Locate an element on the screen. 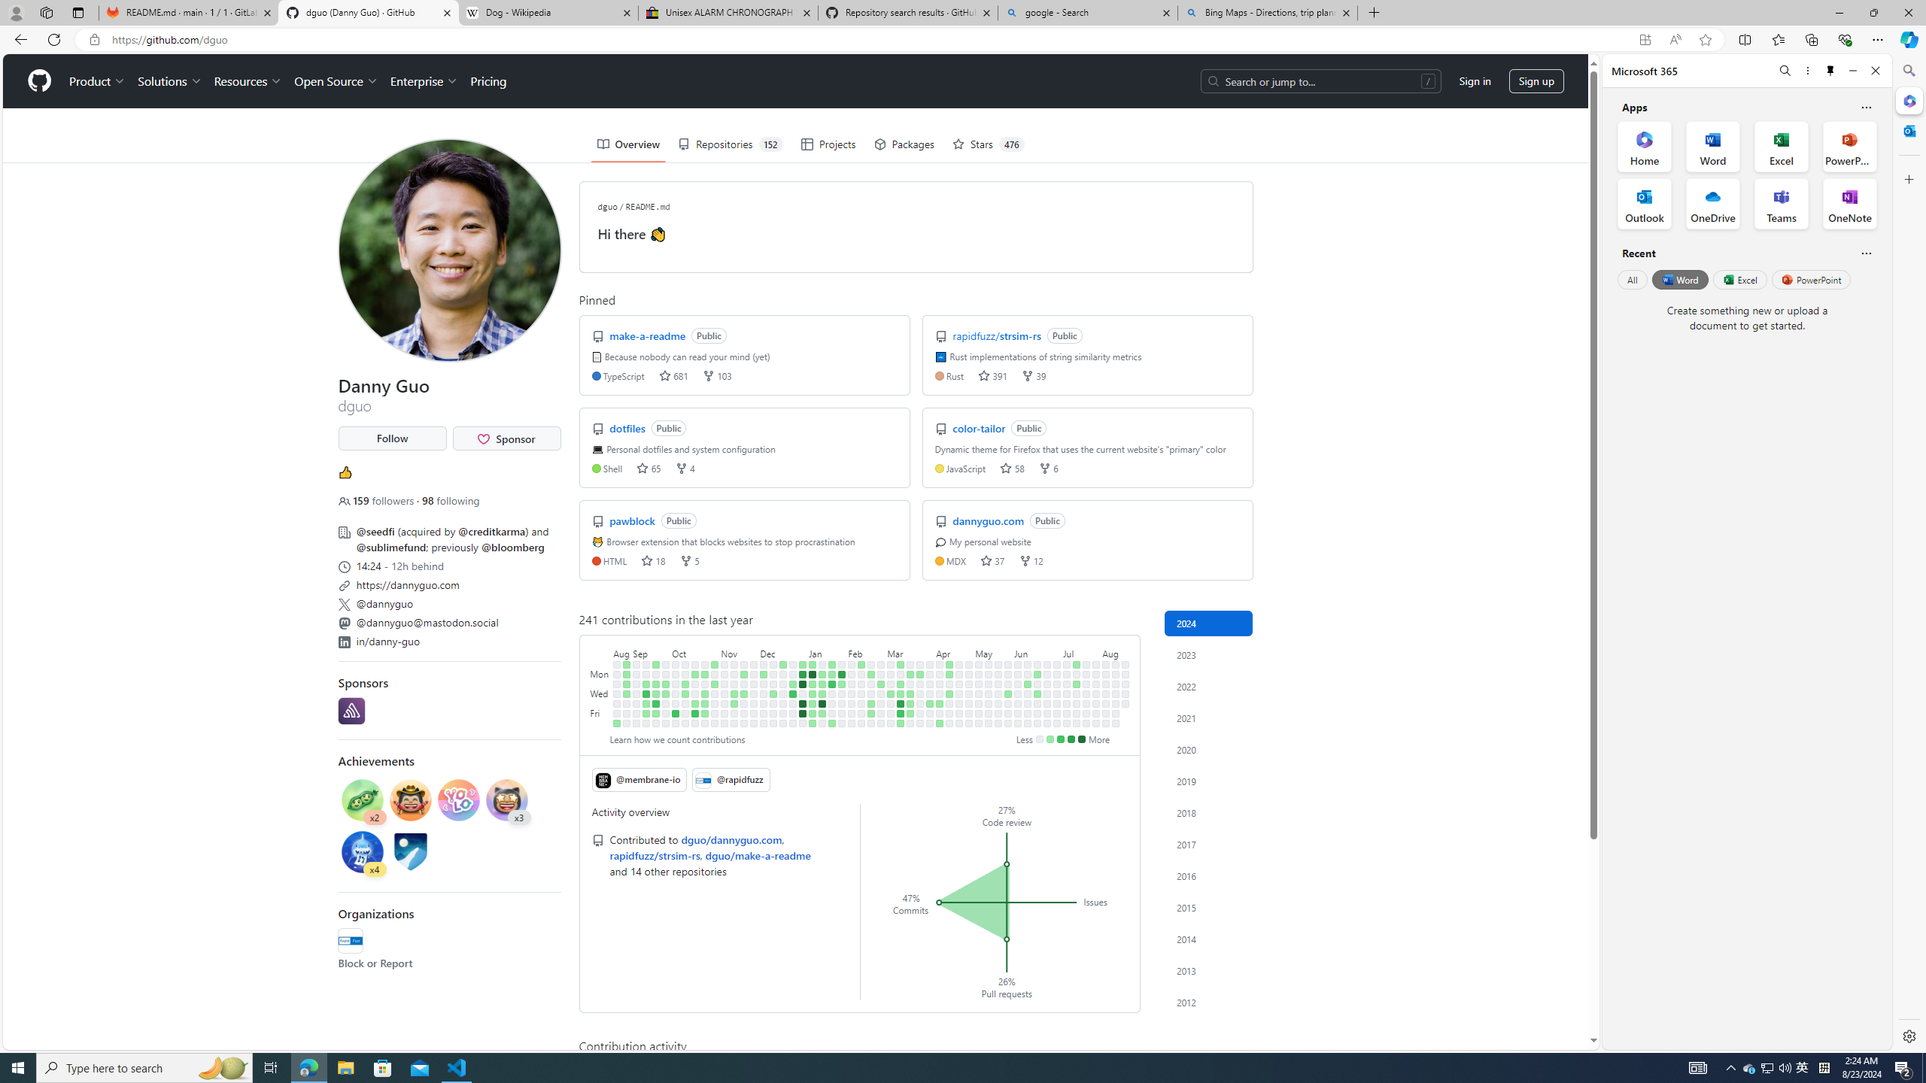 The height and width of the screenshot is (1083, 1926). 'No contributions on September 29th.' is located at coordinates (665, 712).